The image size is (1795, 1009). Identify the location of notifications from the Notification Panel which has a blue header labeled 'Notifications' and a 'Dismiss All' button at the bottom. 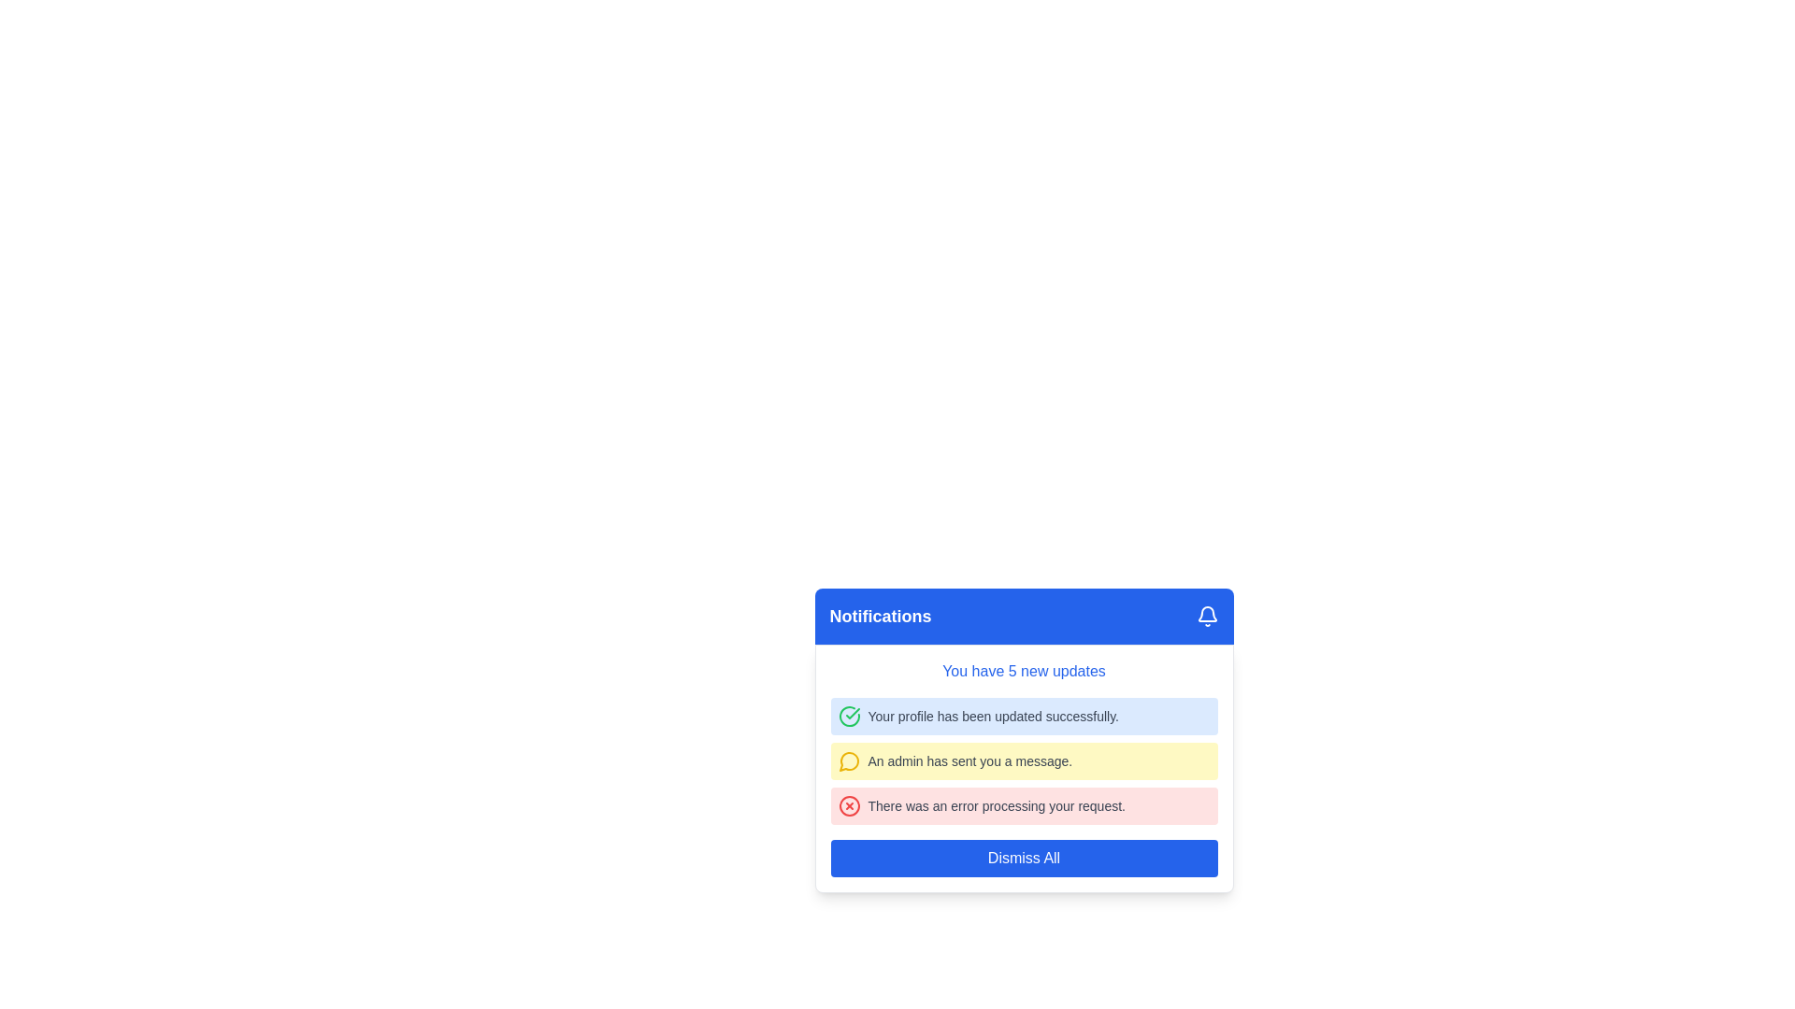
(1023, 740).